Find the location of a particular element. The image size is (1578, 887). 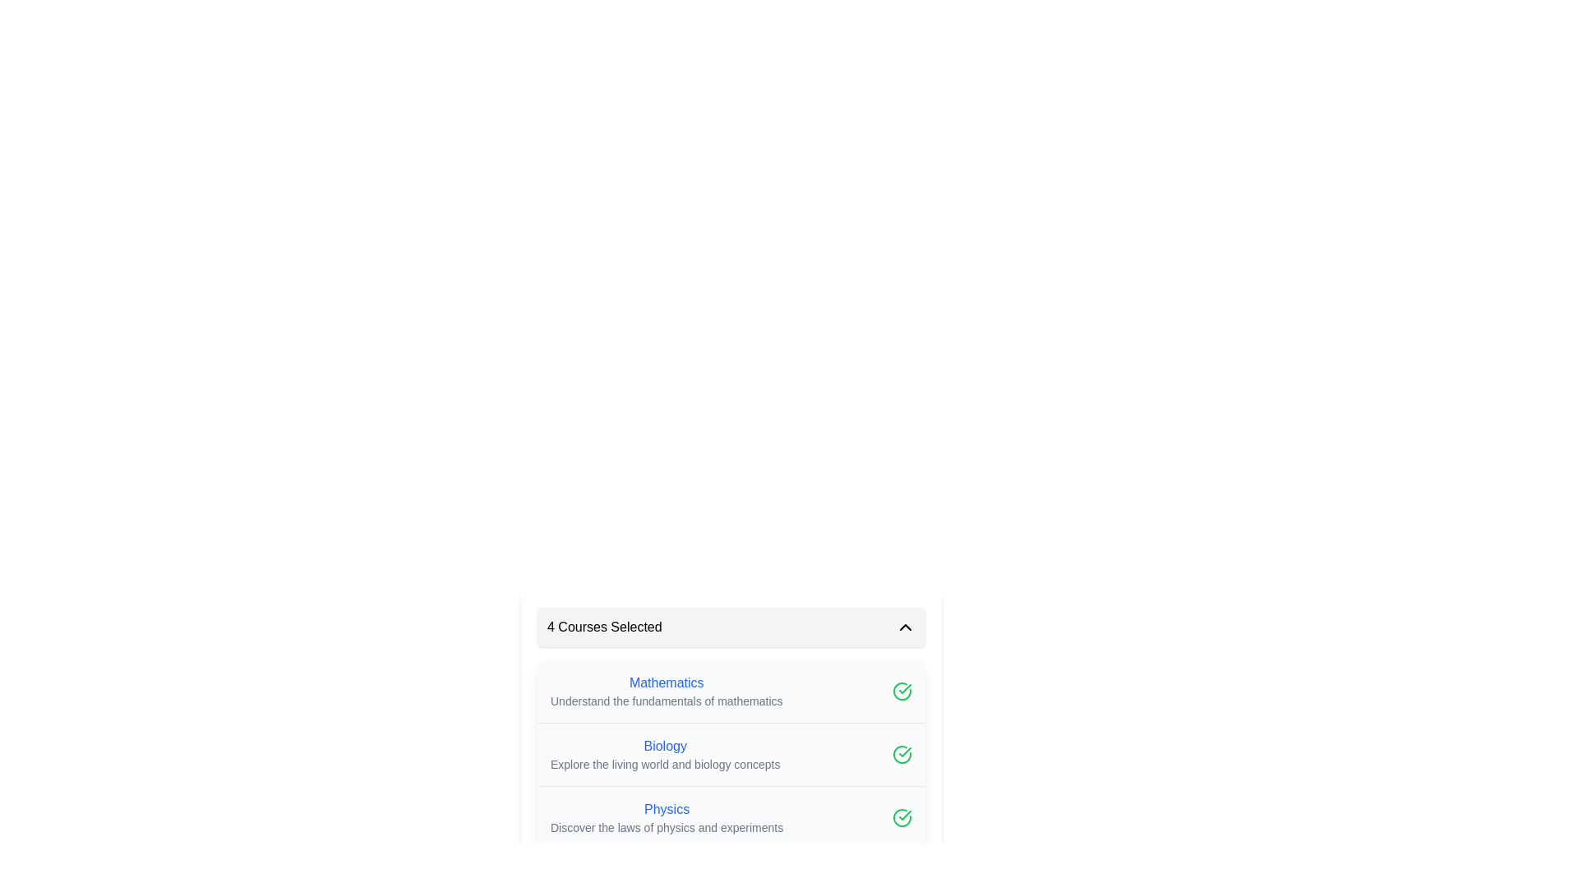

the 'Physics' text label, which is a clickable item displayed in blue font below the 'Biology' course heading in the list of courses is located at coordinates (667, 809).